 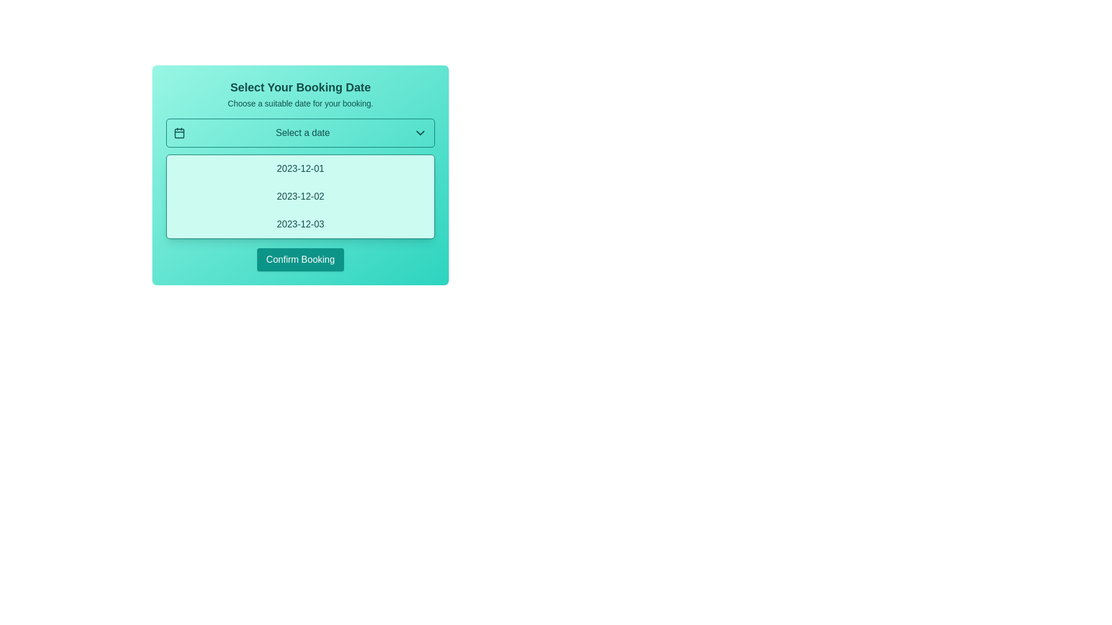 I want to click on text label that states 'Choose a suitable date for your booking.' positioned below the heading 'Select Your Booking Date' in the teal background interface, so click(x=300, y=102).